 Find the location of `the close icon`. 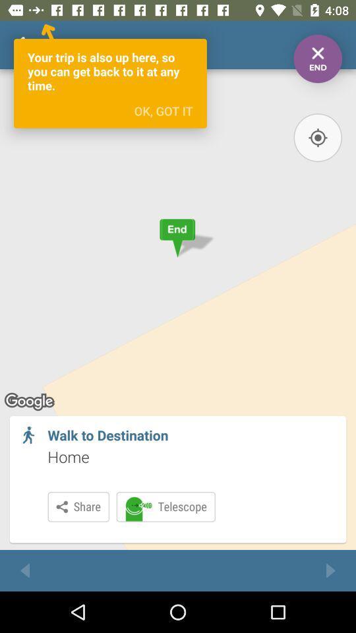

the close icon is located at coordinates (317, 59).